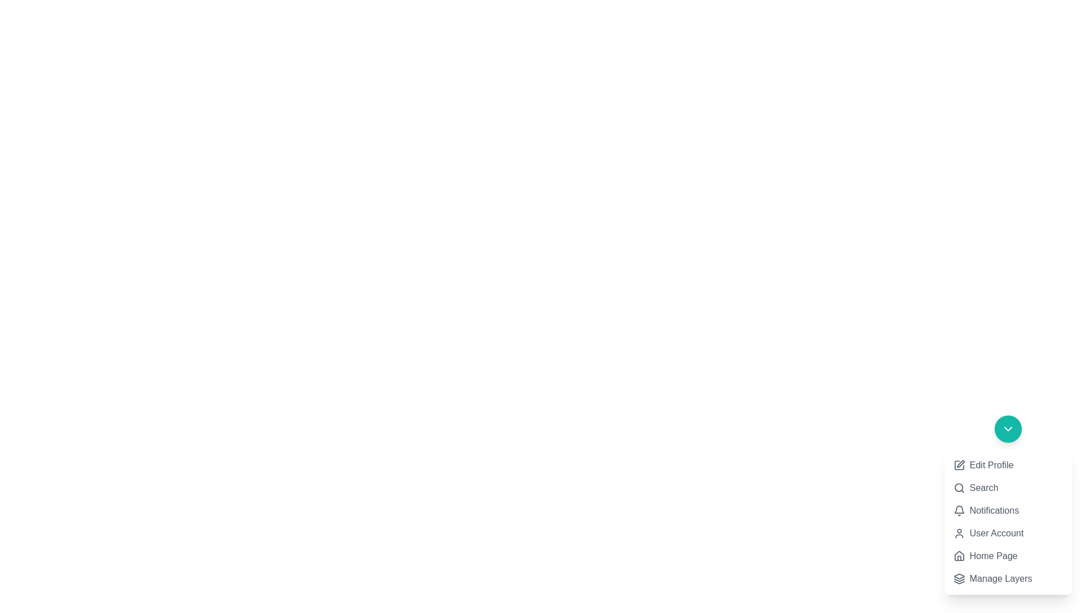 The width and height of the screenshot is (1090, 613). Describe the element at coordinates (960, 464) in the screenshot. I see `the pen icon located in the dropdown menu under 'Edit Profile', positioned on the left side of the text label` at that location.